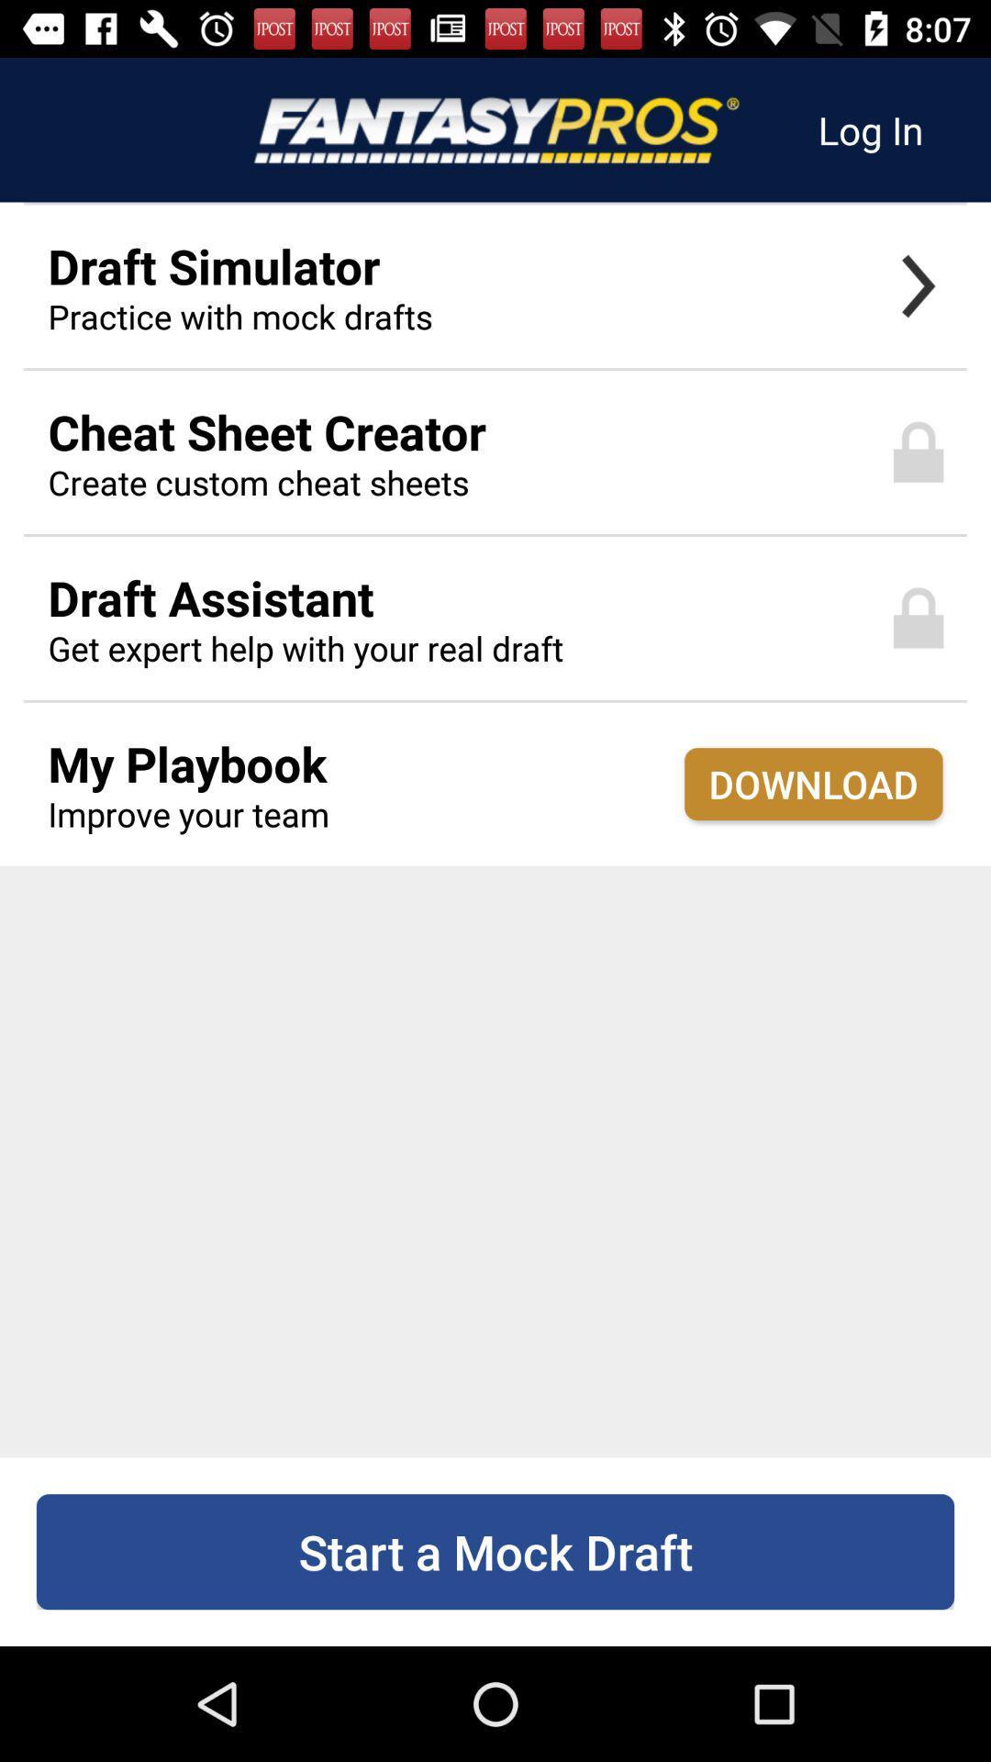 This screenshot has width=991, height=1762. I want to click on the download button, so click(812, 784).